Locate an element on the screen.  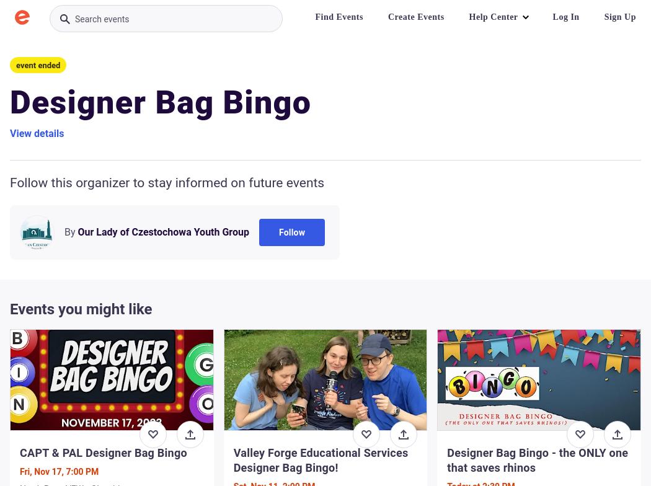
'Log In' is located at coordinates (565, 16).